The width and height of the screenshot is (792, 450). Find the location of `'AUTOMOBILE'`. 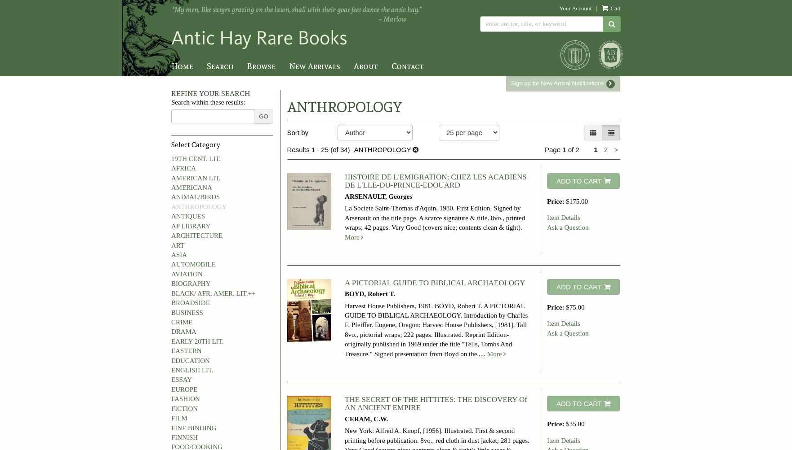

'AUTOMOBILE' is located at coordinates (193, 263).